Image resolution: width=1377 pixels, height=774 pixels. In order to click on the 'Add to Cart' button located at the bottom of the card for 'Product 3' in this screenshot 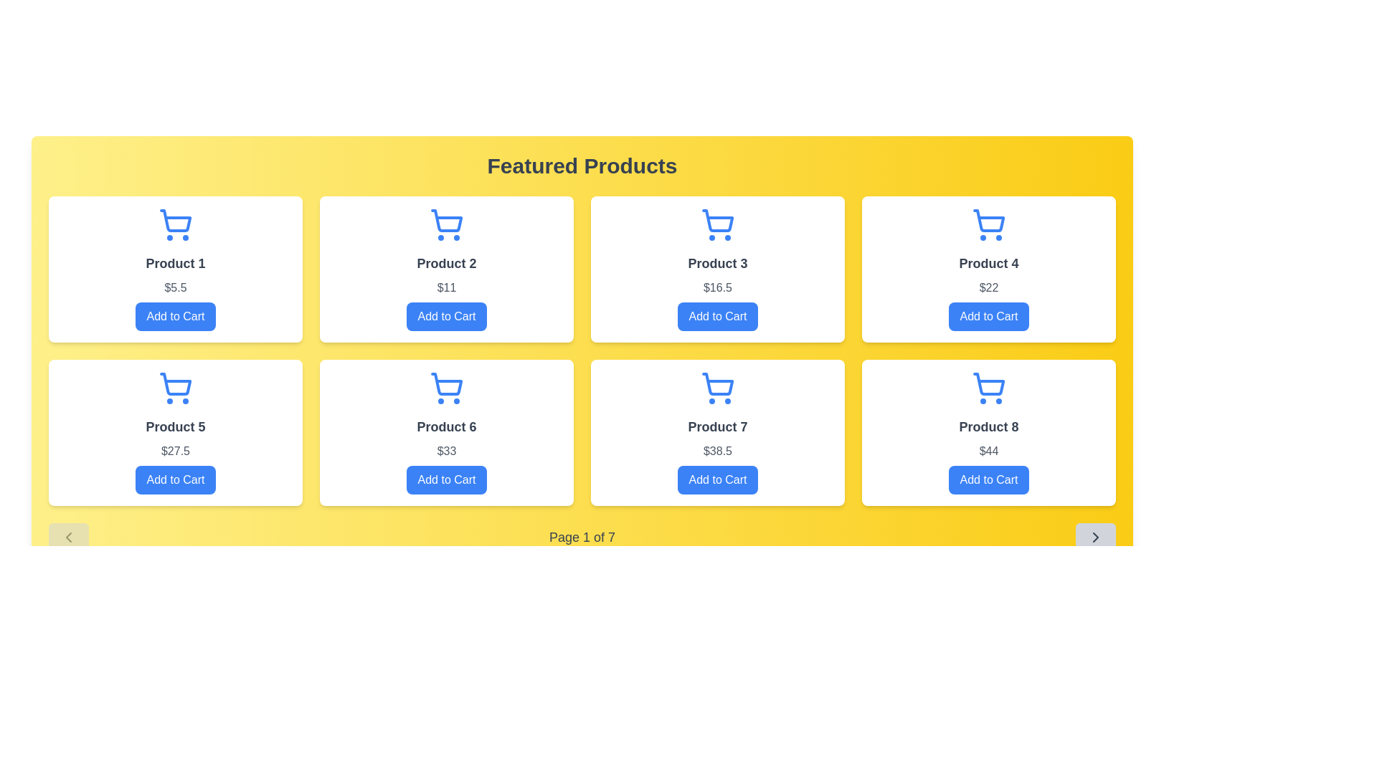, I will do `click(718, 316)`.